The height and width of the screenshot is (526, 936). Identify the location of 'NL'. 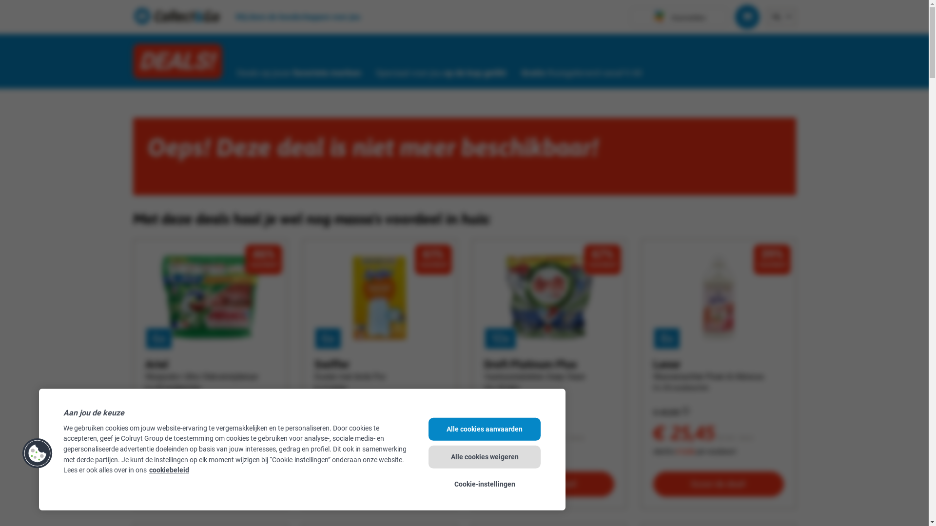
(776, 16).